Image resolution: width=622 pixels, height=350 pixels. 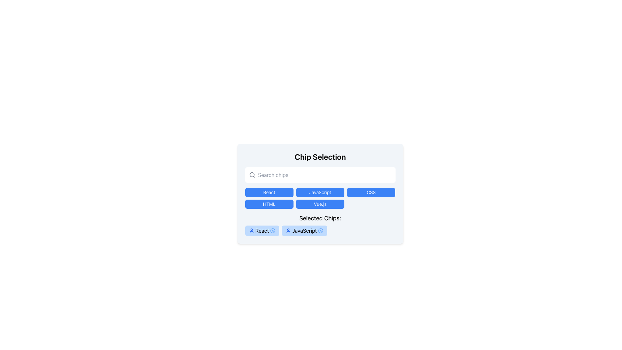 I want to click on the blue button labeled 'Vue.js', so click(x=320, y=204).